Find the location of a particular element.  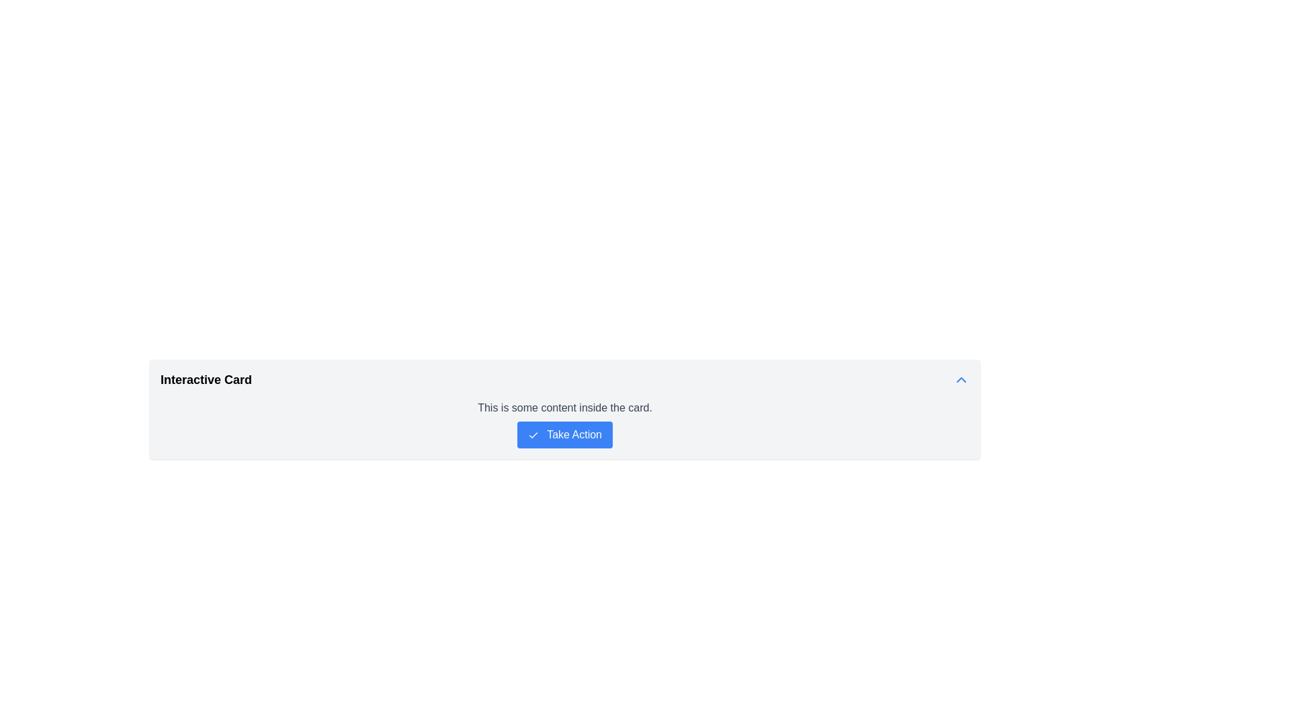

descriptive information provided in the text block of the composite element located centrally within the 'Interactive Card' is located at coordinates (564, 424).